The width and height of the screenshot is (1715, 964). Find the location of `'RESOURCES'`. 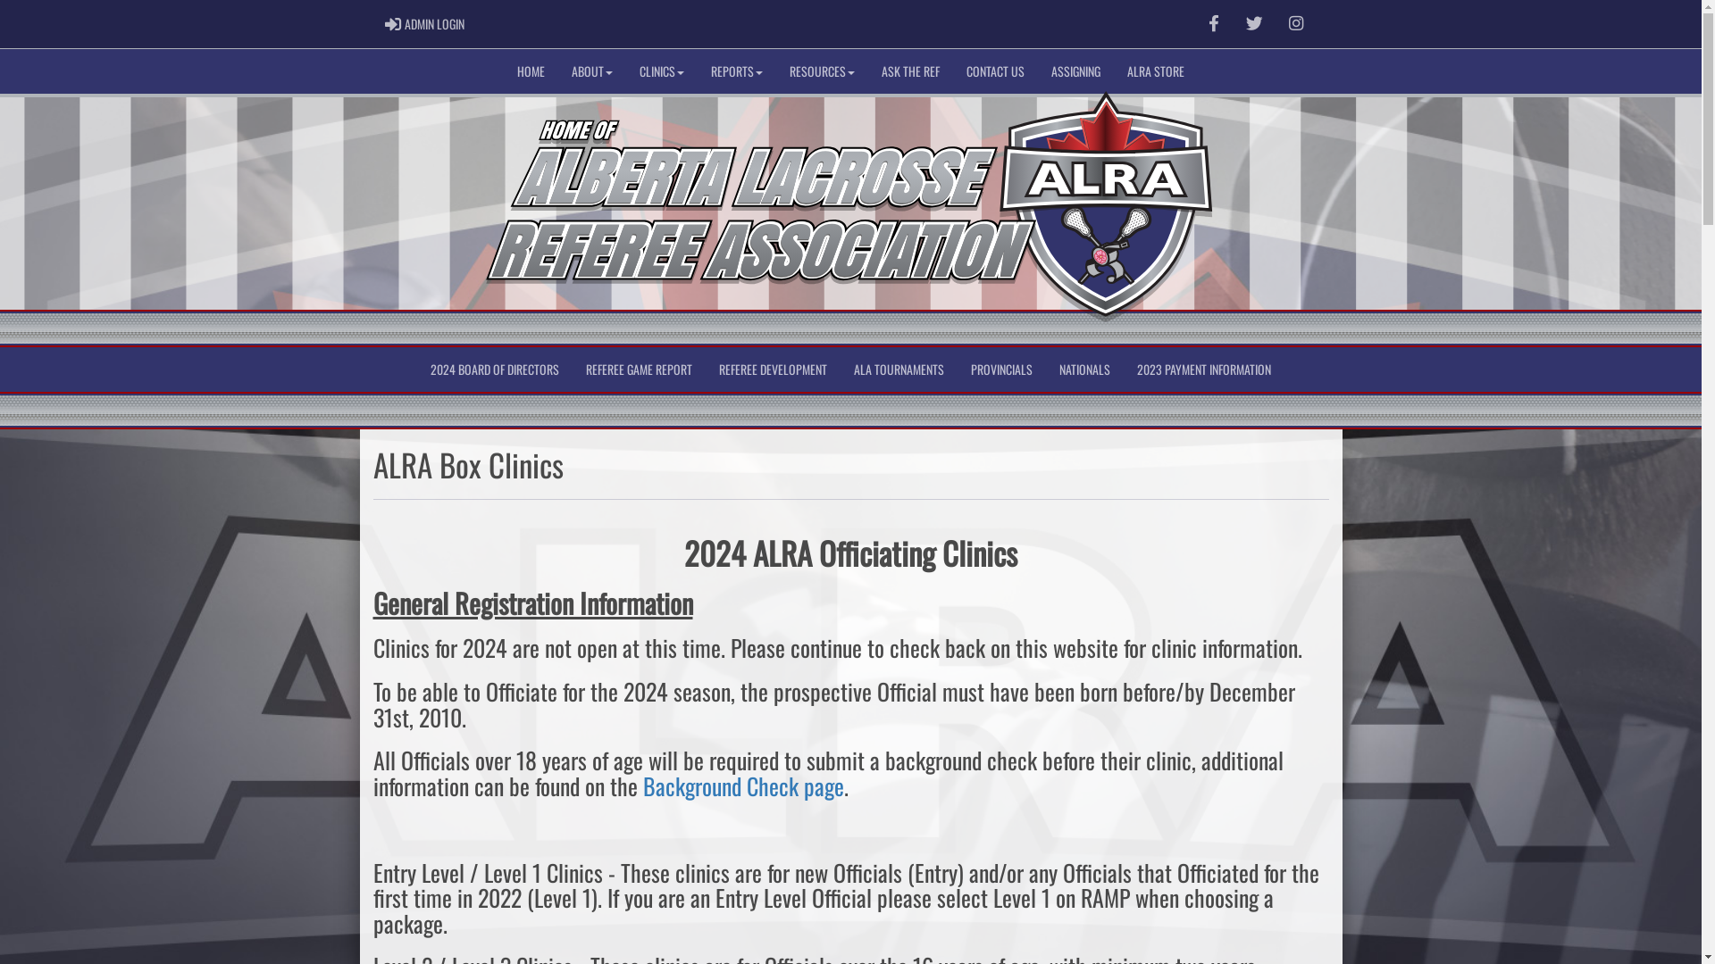

'RESOURCES' is located at coordinates (821, 71).